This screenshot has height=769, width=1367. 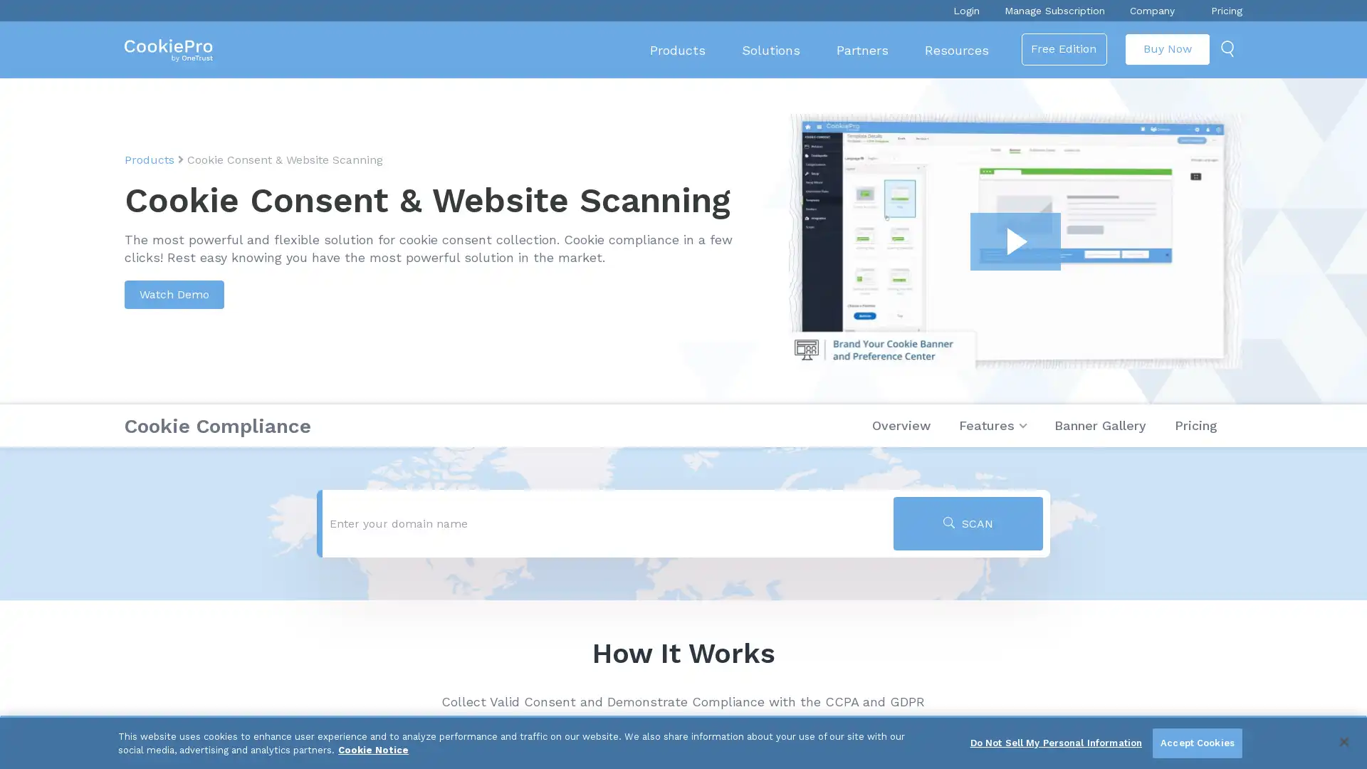 I want to click on Do Not Sell My Personal Information, so click(x=1056, y=743).